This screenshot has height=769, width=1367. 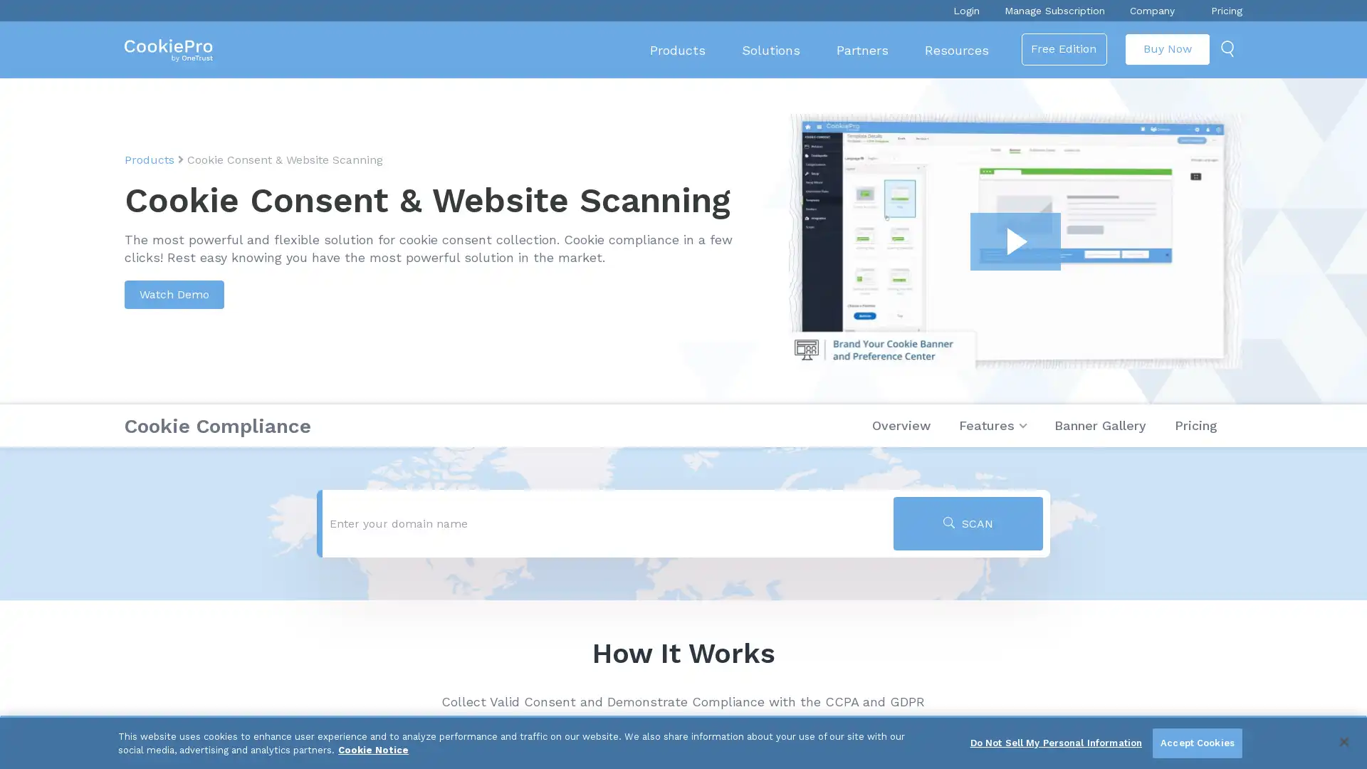 I want to click on Do Not Sell My Personal Information, so click(x=1056, y=743).